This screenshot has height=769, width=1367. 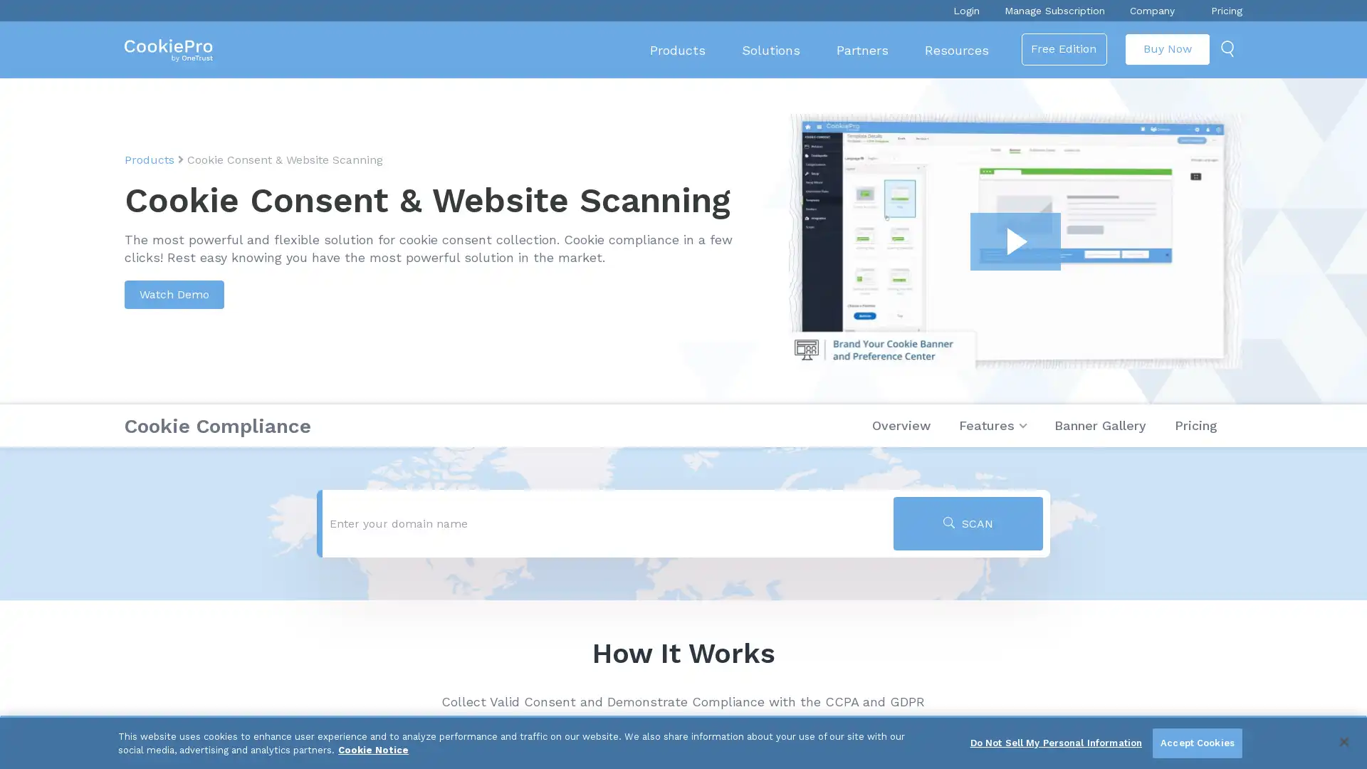 I want to click on Do Not Sell My Personal Information, so click(x=1056, y=743).